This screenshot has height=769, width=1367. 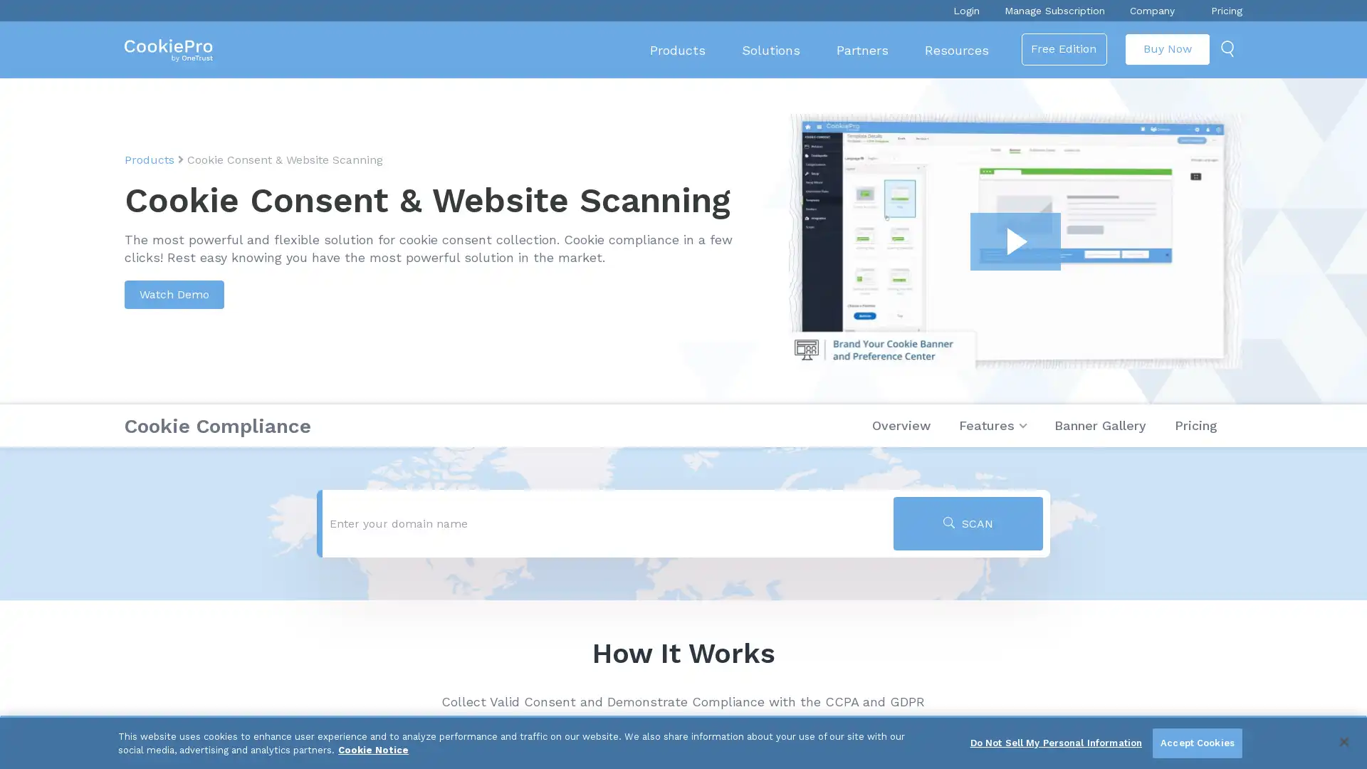 I want to click on Do Not Sell My Personal Information, so click(x=1056, y=743).